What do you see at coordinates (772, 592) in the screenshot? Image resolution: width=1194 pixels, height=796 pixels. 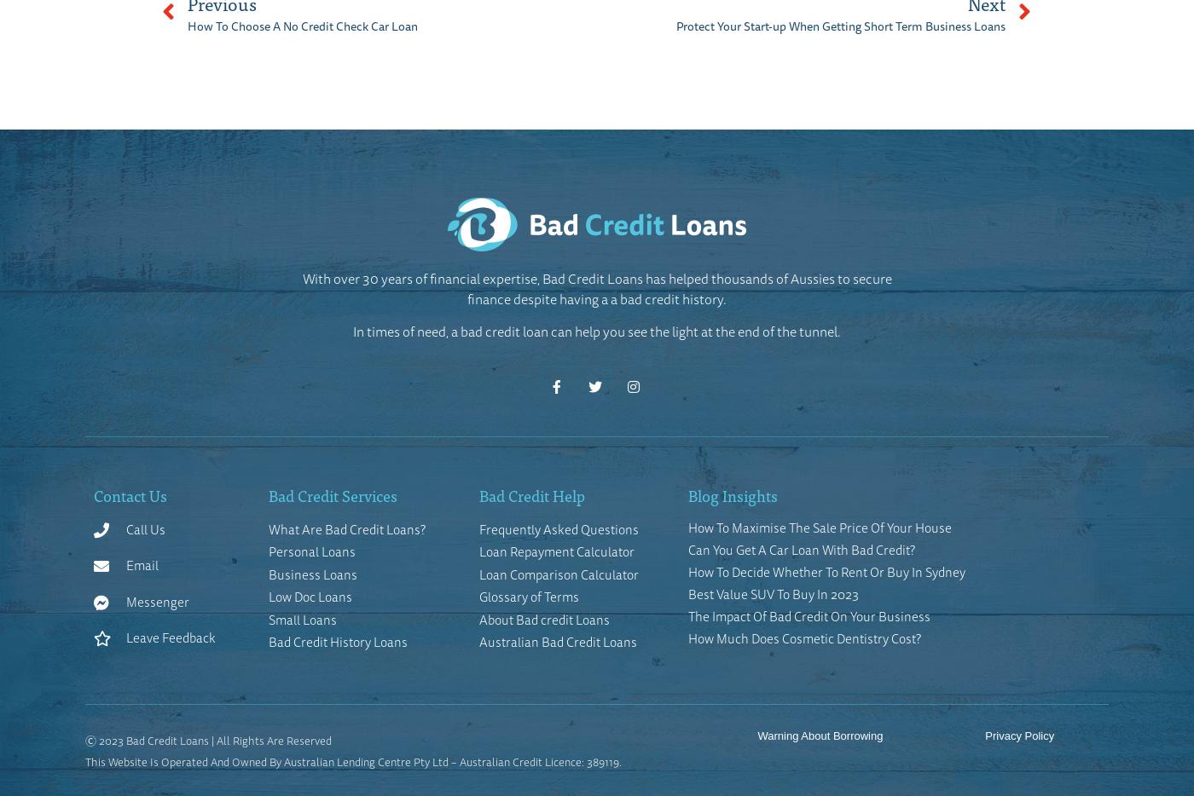 I see `'Best Value SUV to Buy in 2023'` at bounding box center [772, 592].